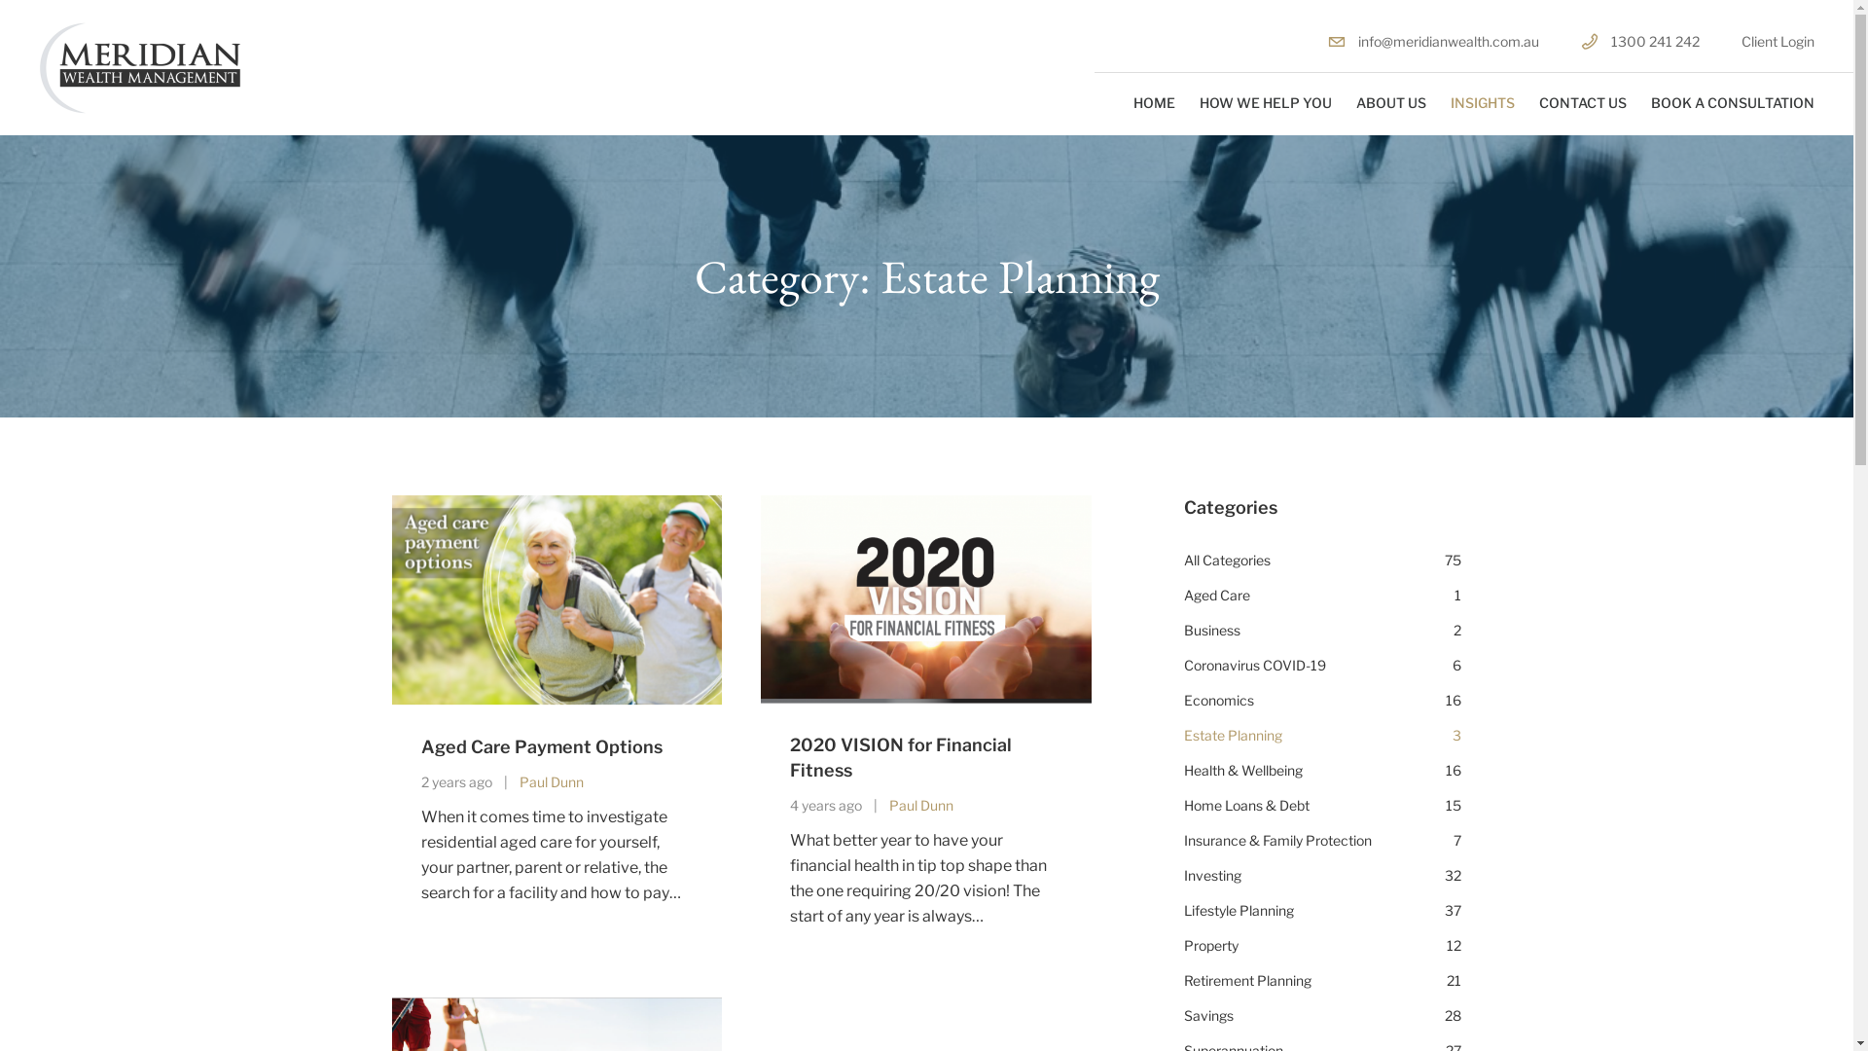  I want to click on 'info@meridianwealth.com.au', so click(1326, 41).